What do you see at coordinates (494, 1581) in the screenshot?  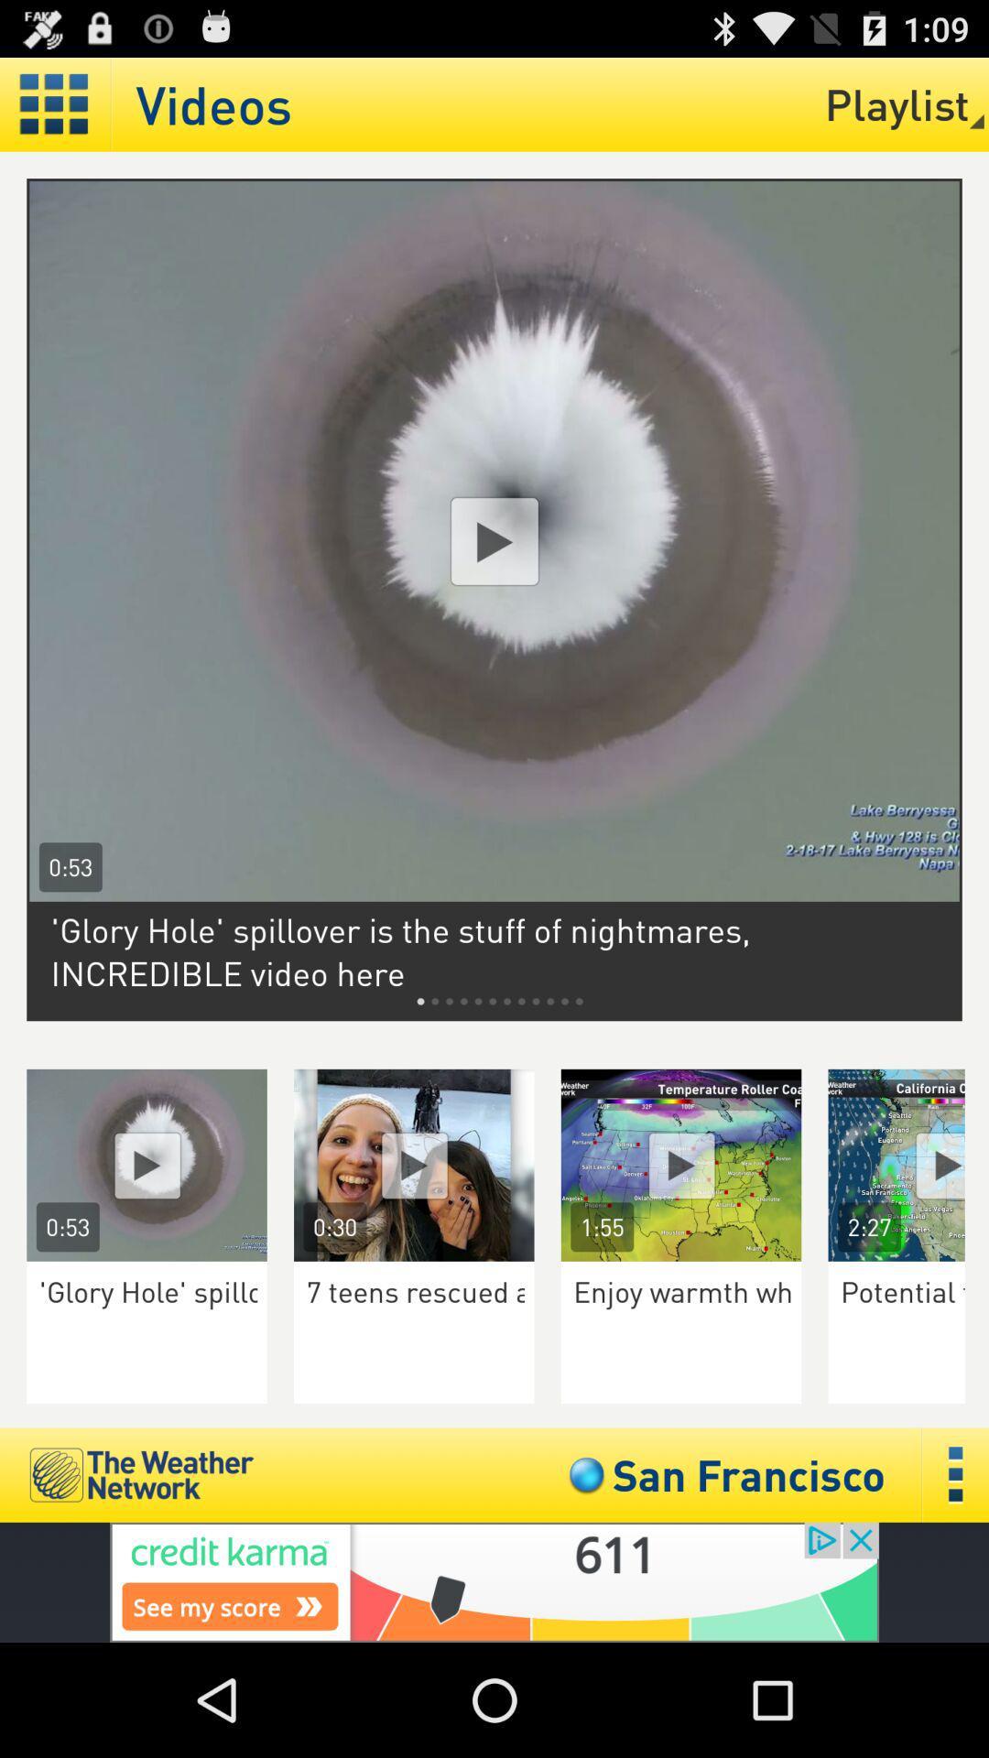 I see `advertisement click` at bounding box center [494, 1581].